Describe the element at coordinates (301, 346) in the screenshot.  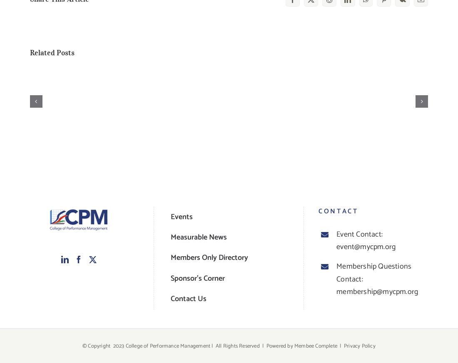
I see `'Powered by Membee Complete'` at that location.